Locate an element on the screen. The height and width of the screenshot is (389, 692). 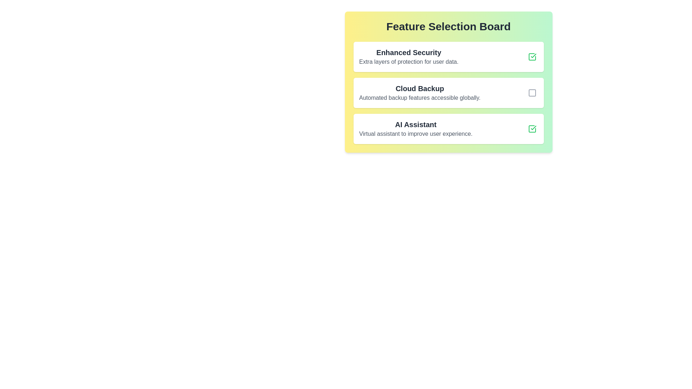
gray text that states 'Virtual assistant to improve user experience.' located below the 'AI Assistant' heading in the third feature card of the 'Feature Selection Board' is located at coordinates (416, 134).